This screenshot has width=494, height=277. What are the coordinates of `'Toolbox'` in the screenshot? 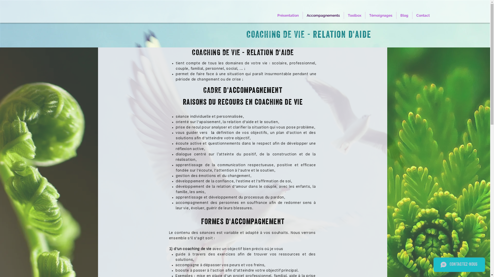 It's located at (354, 15).